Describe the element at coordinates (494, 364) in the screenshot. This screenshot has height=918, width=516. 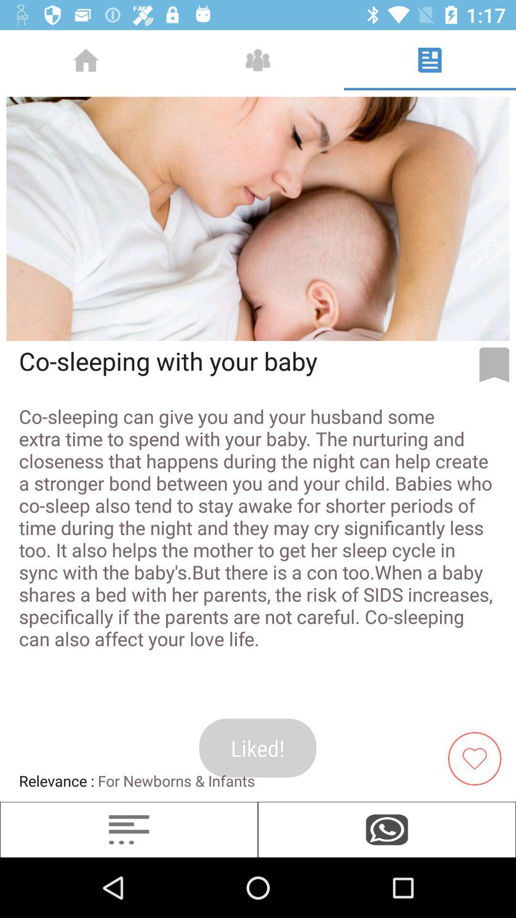
I see `bookmark this article` at that location.